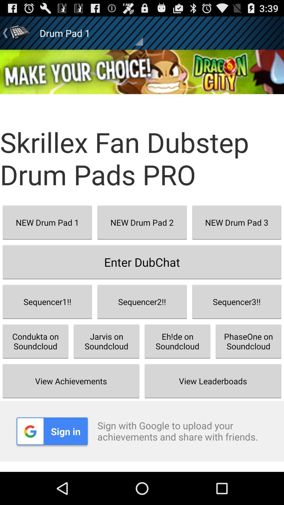 The image size is (284, 505). What do you see at coordinates (142, 72) in the screenshot?
I see `advertisement` at bounding box center [142, 72].